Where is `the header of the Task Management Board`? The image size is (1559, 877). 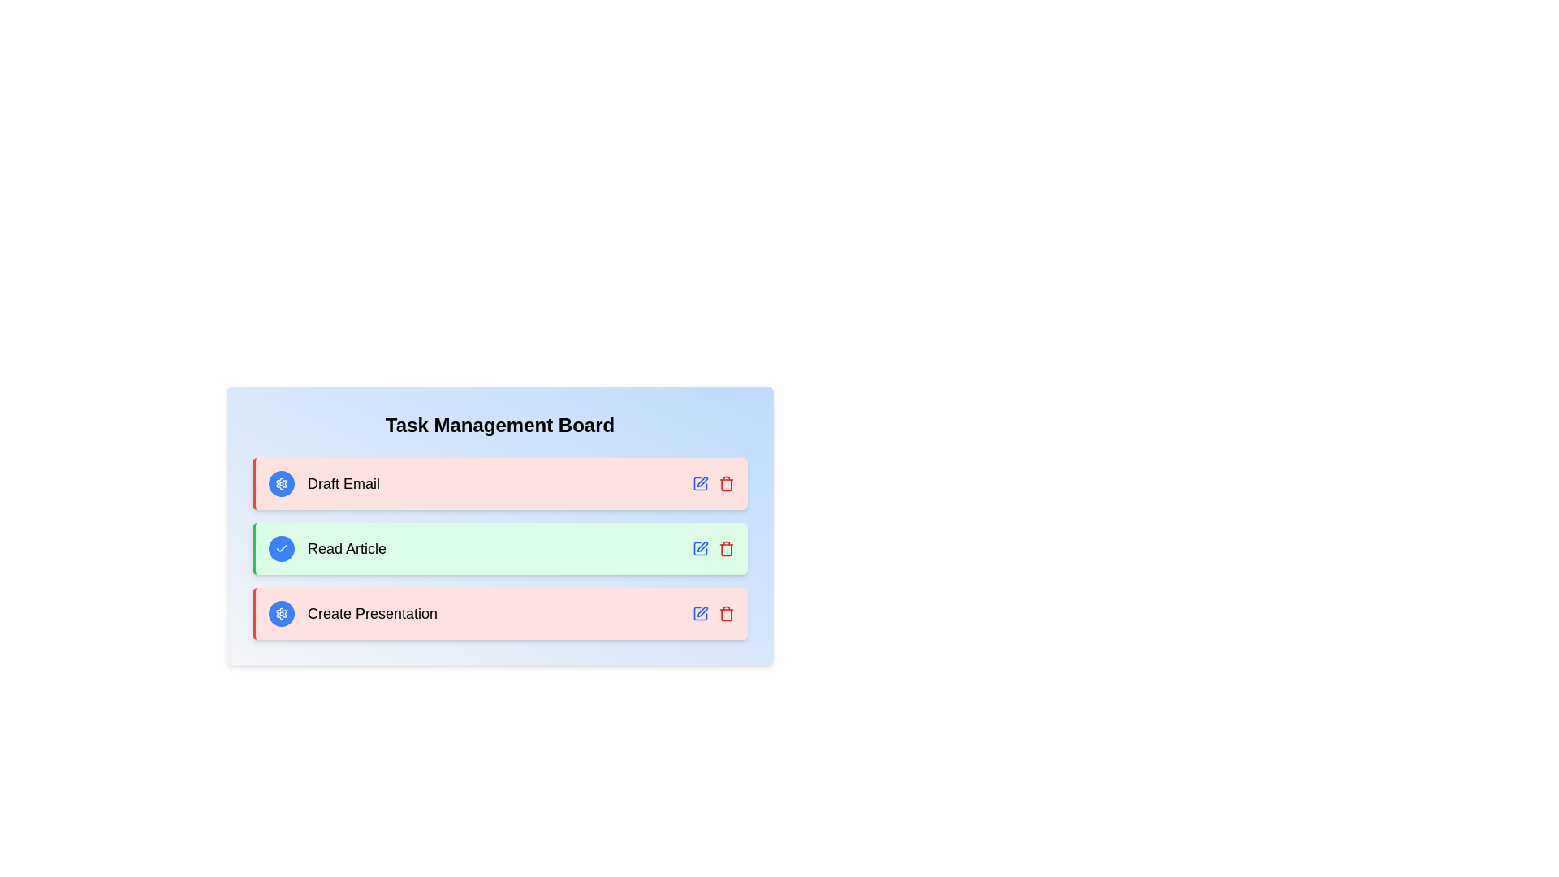 the header of the Task Management Board is located at coordinates (499, 425).